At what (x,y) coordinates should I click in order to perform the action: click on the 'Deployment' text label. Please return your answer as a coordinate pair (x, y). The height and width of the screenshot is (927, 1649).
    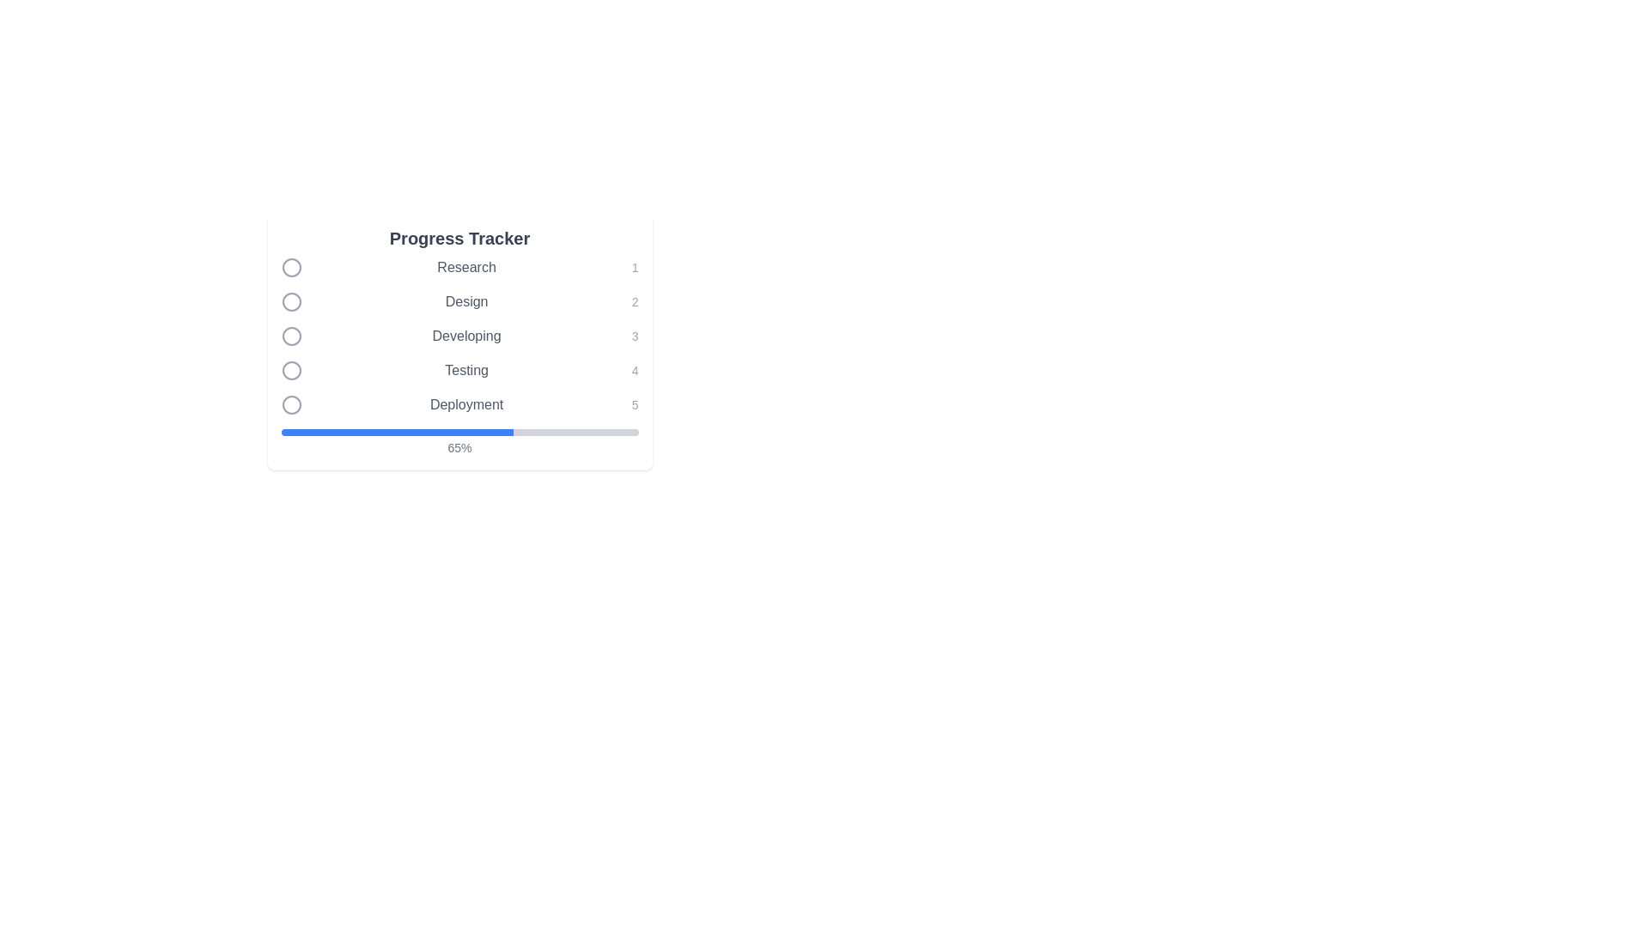
    Looking at the image, I should click on (466, 404).